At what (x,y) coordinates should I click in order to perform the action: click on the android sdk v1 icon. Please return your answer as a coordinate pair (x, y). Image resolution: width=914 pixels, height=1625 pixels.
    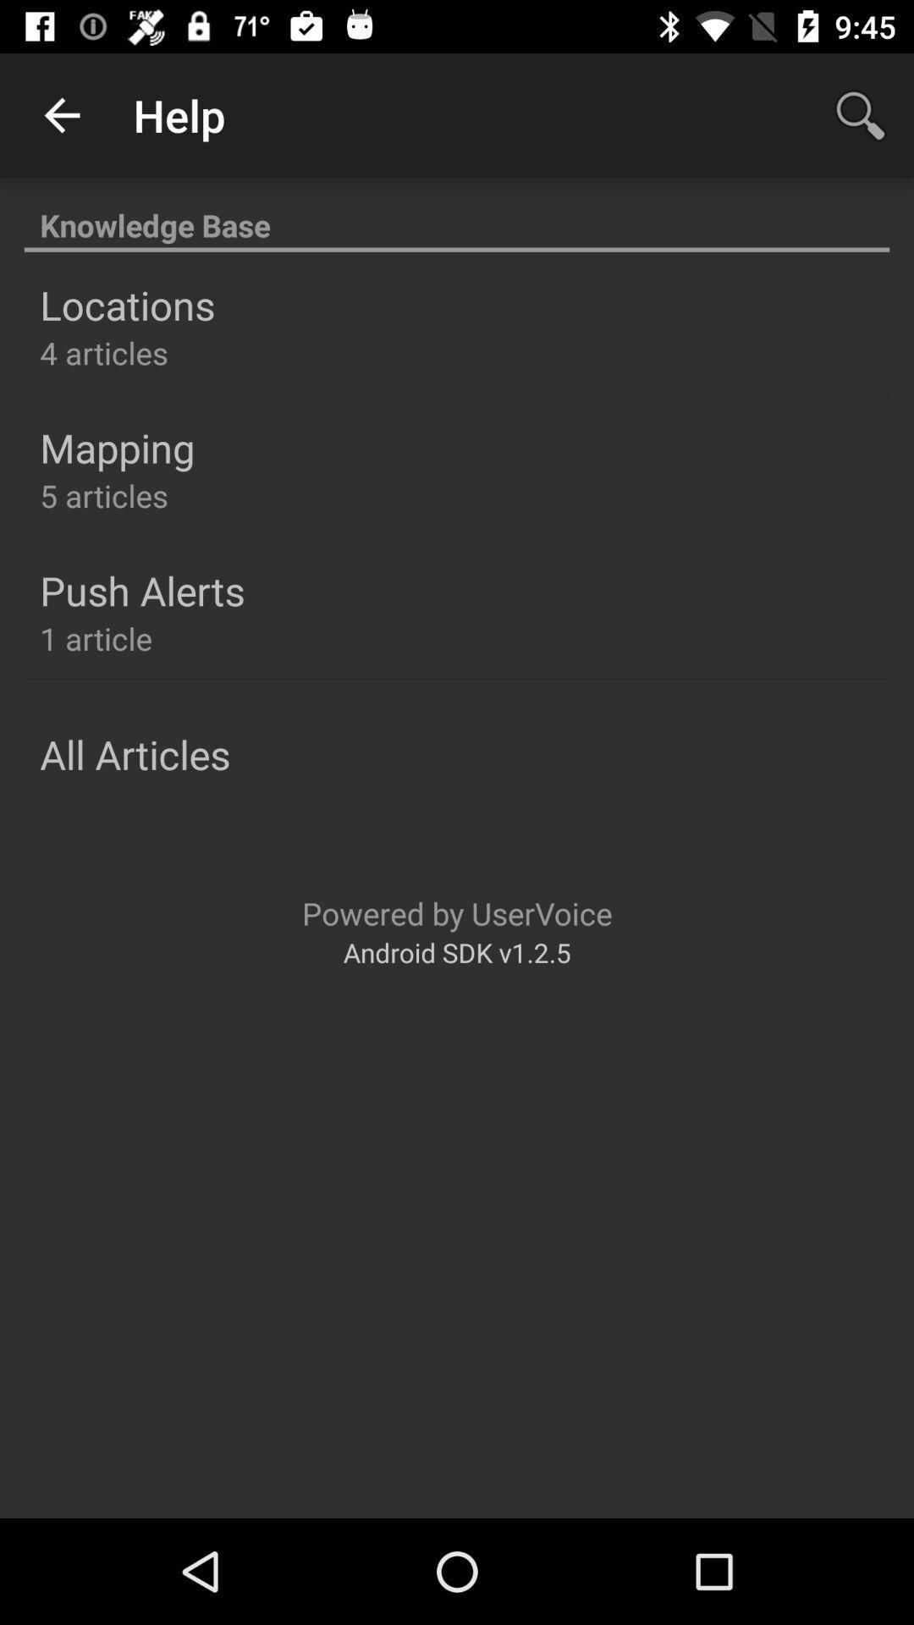
    Looking at the image, I should click on (457, 952).